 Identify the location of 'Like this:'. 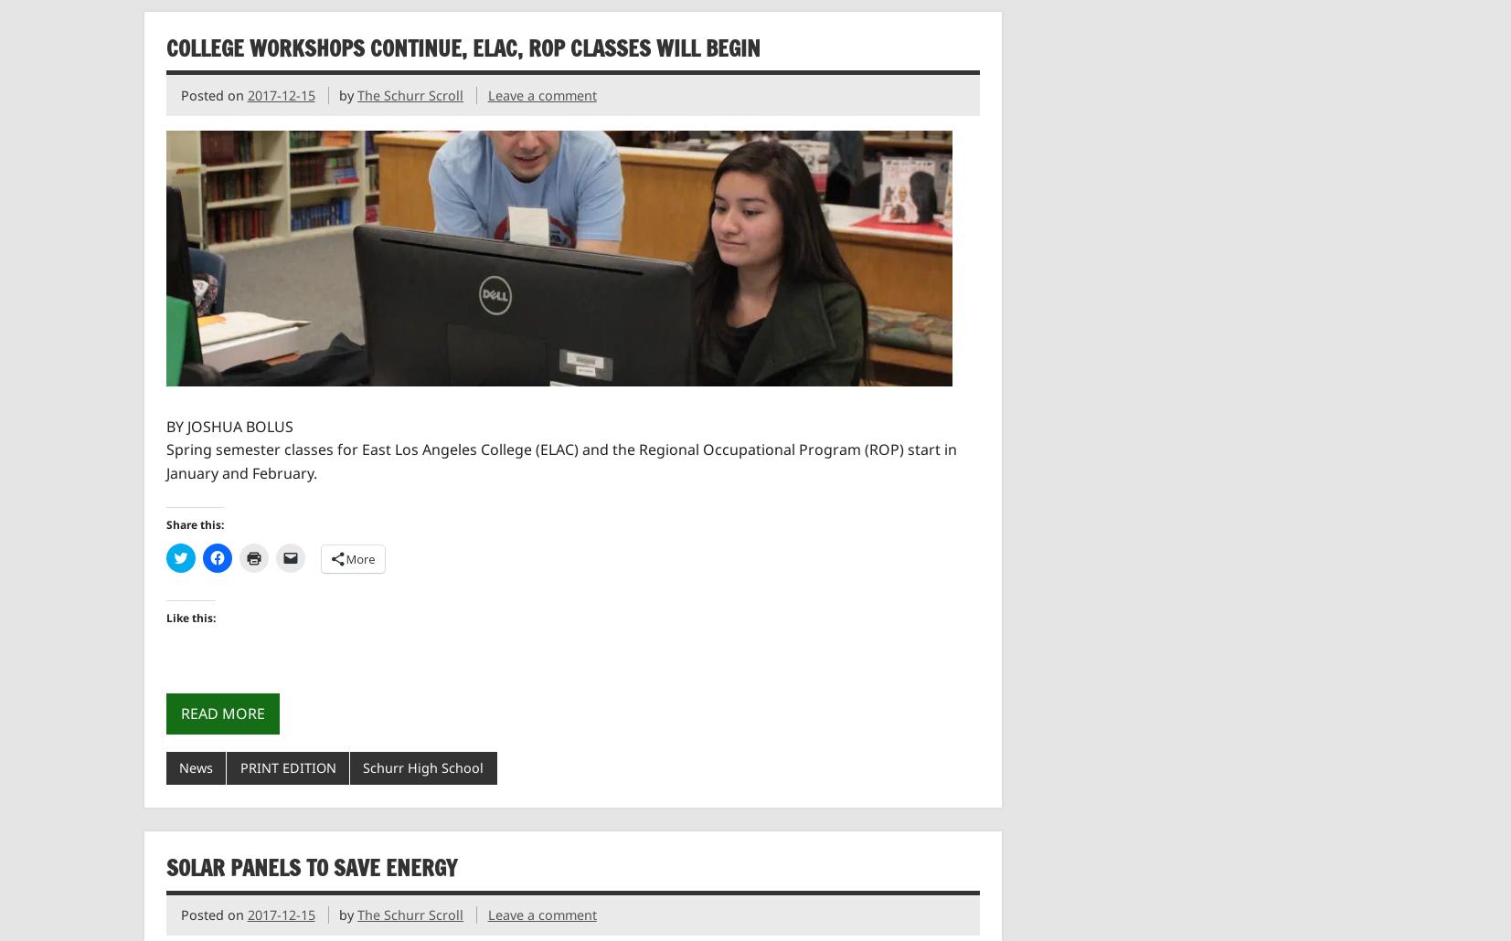
(188, 616).